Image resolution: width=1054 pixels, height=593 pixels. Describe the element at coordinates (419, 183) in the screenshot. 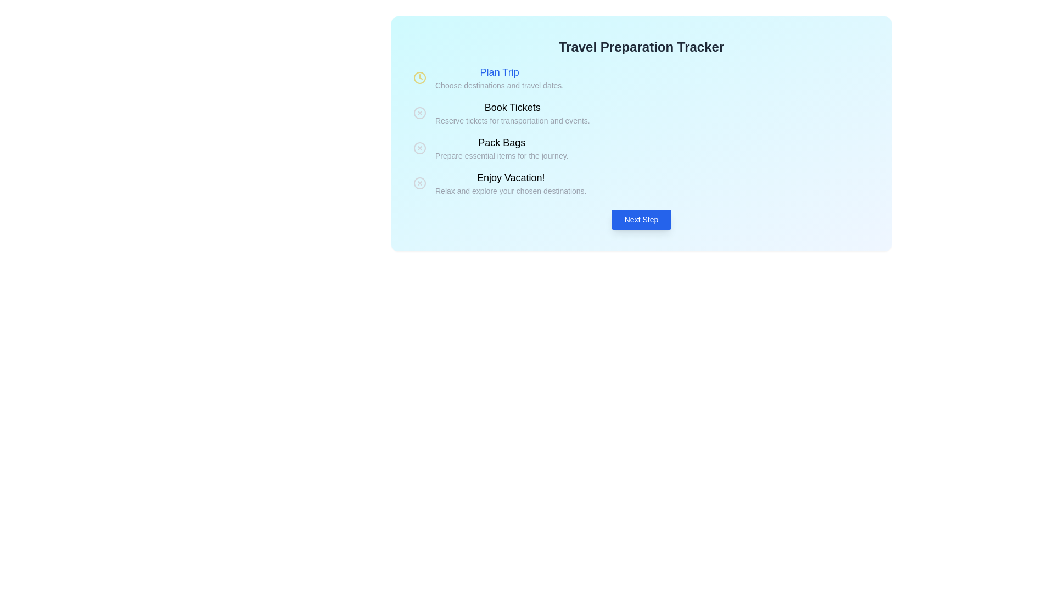

I see `the informative icon located to the left of the text 'Enjoy Vacation! Relax and explore your chosen destinations.' in the fourth row of items` at that location.